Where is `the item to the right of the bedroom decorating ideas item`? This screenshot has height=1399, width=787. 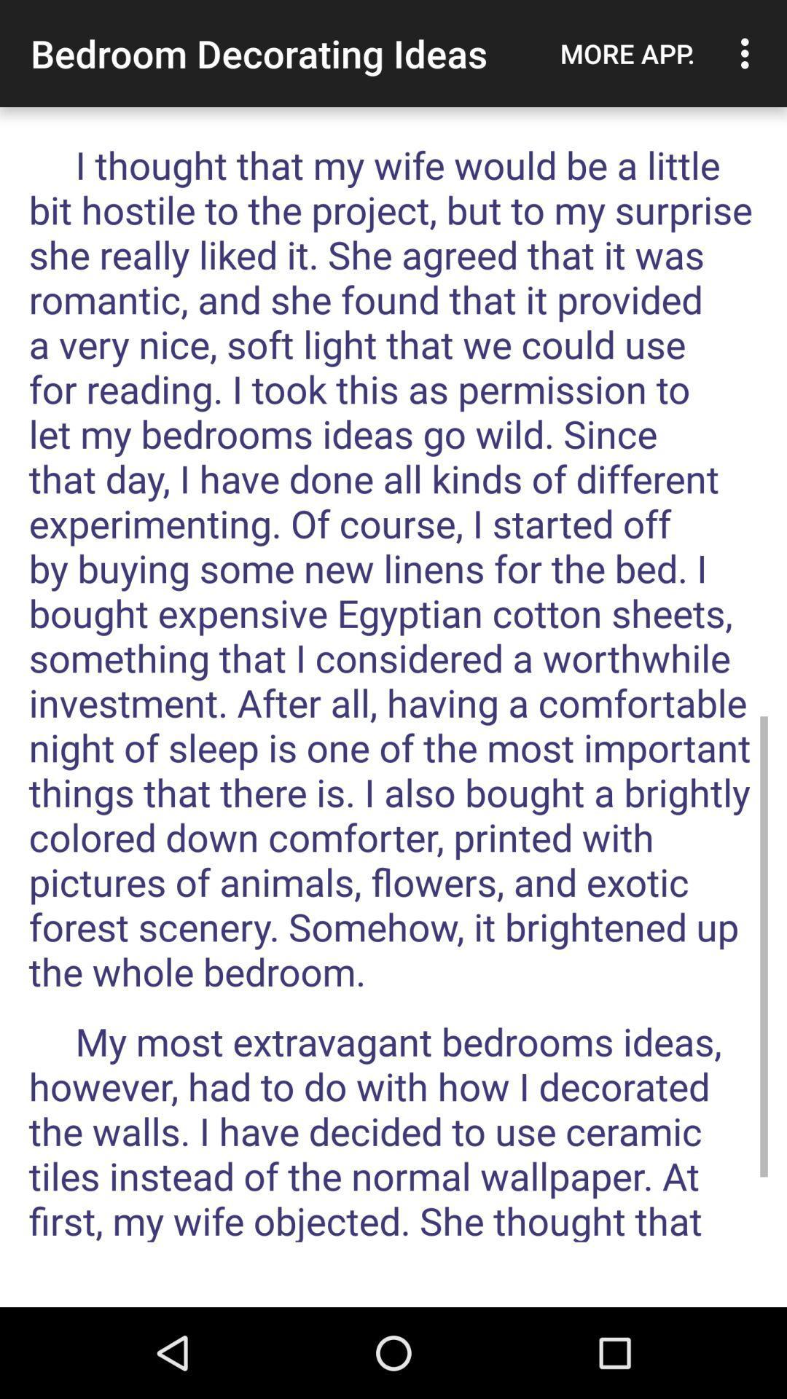
the item to the right of the bedroom decorating ideas item is located at coordinates (627, 53).